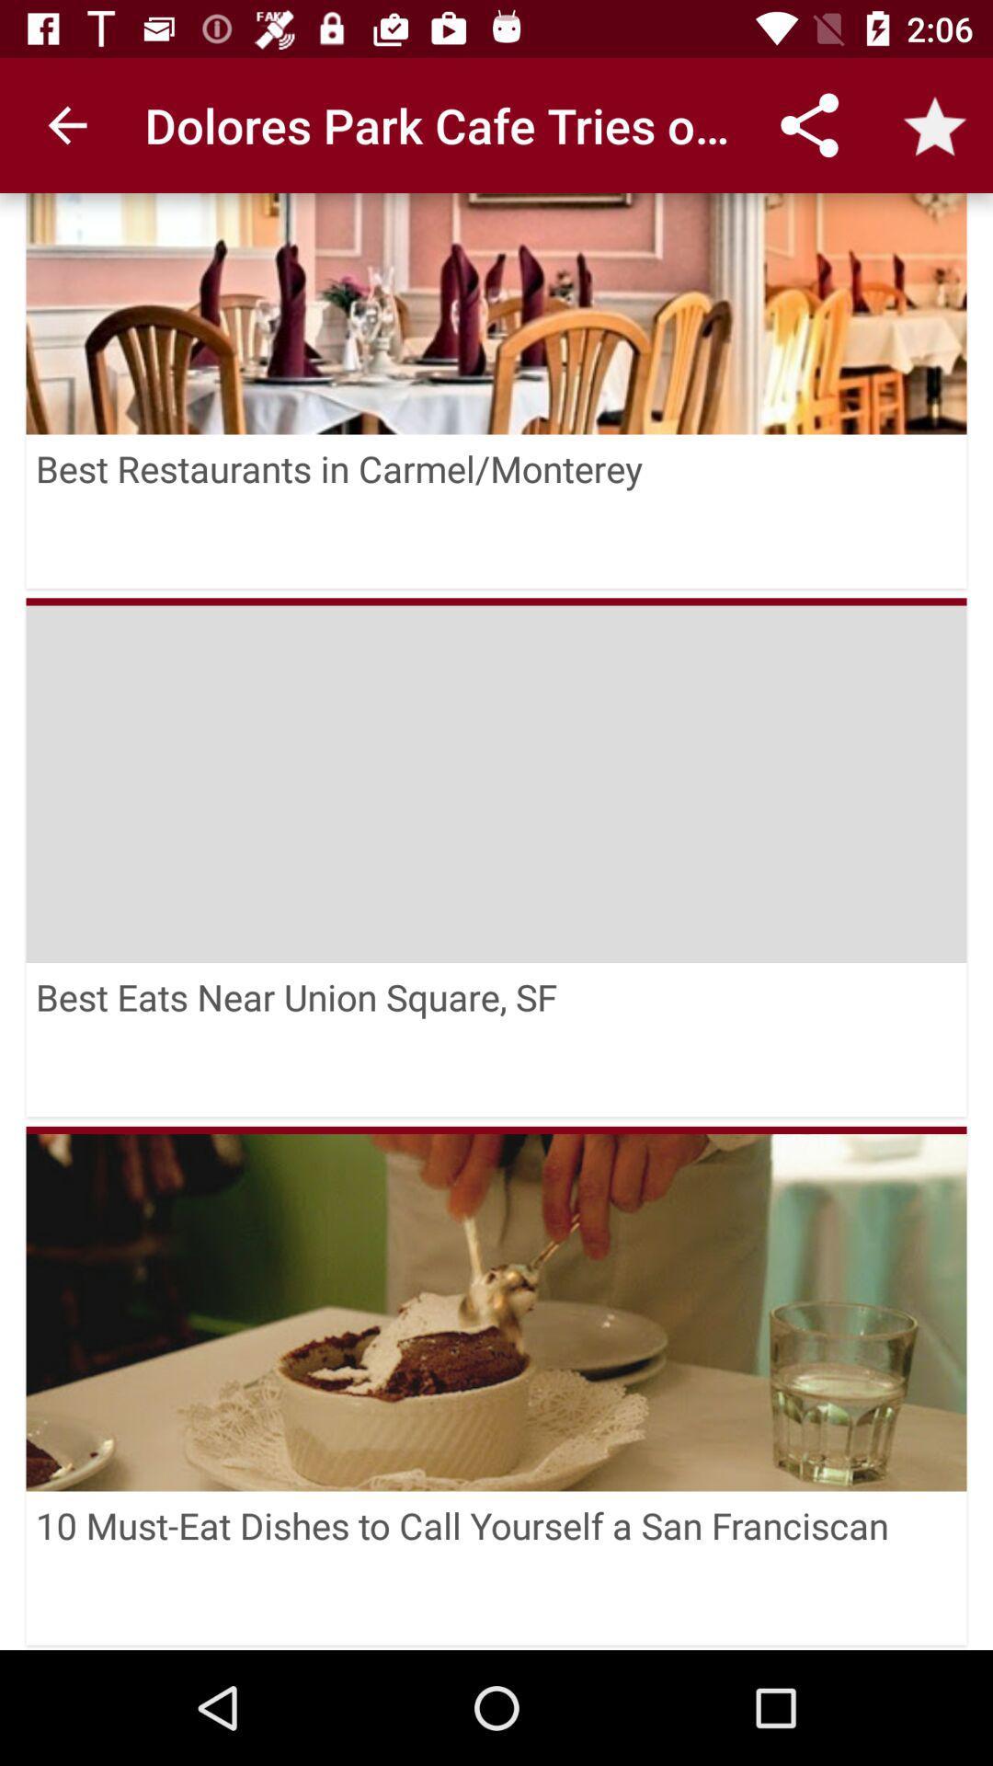 This screenshot has width=993, height=1766. What do you see at coordinates (496, 1129) in the screenshot?
I see `the icon below the best eats near icon` at bounding box center [496, 1129].